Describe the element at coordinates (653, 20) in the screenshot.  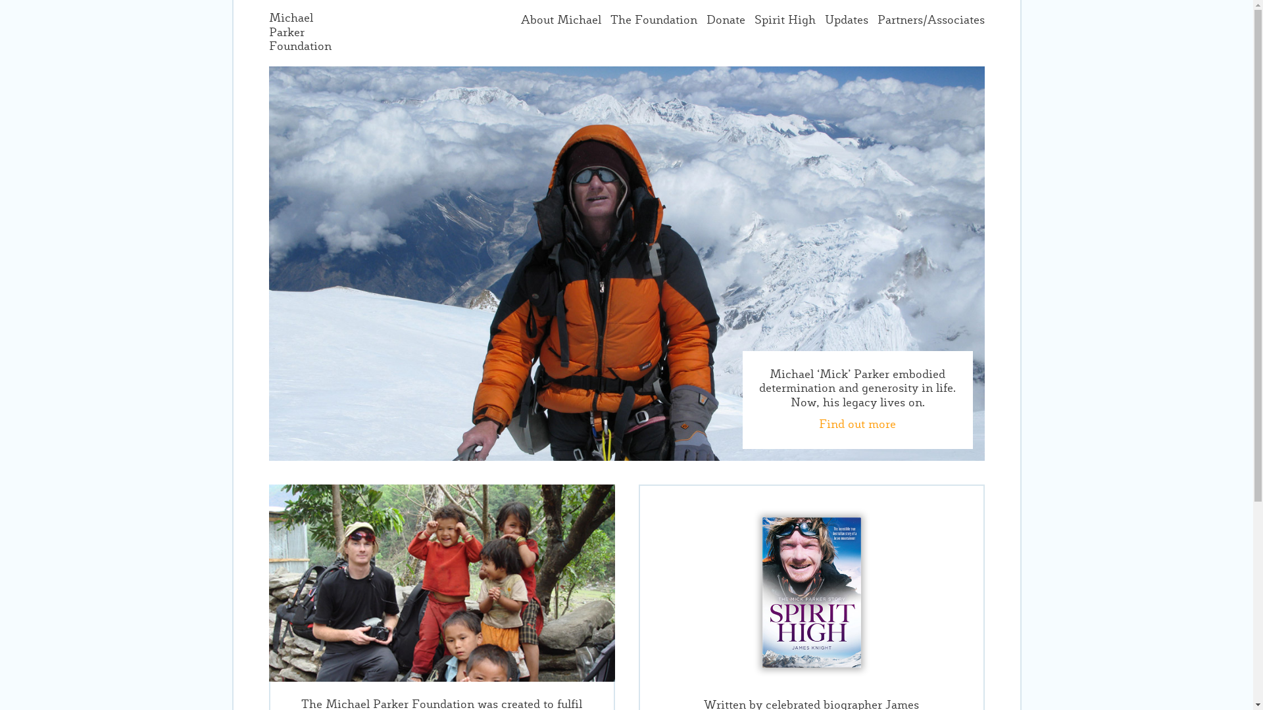
I see `'The Foundation'` at that location.